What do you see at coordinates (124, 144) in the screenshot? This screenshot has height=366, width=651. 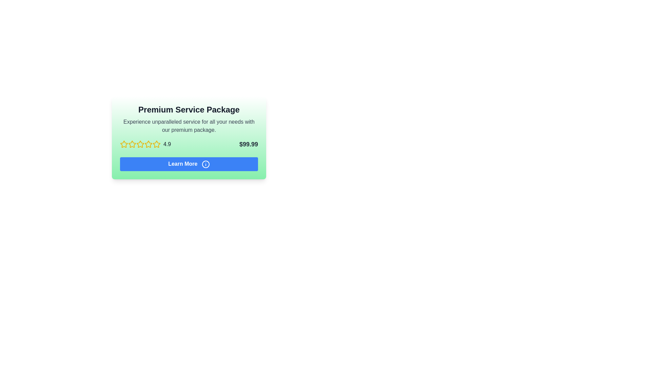 I see `the first star icon in the 5-star rating system located near the top-left corner of the card next to the text '4.9'` at bounding box center [124, 144].